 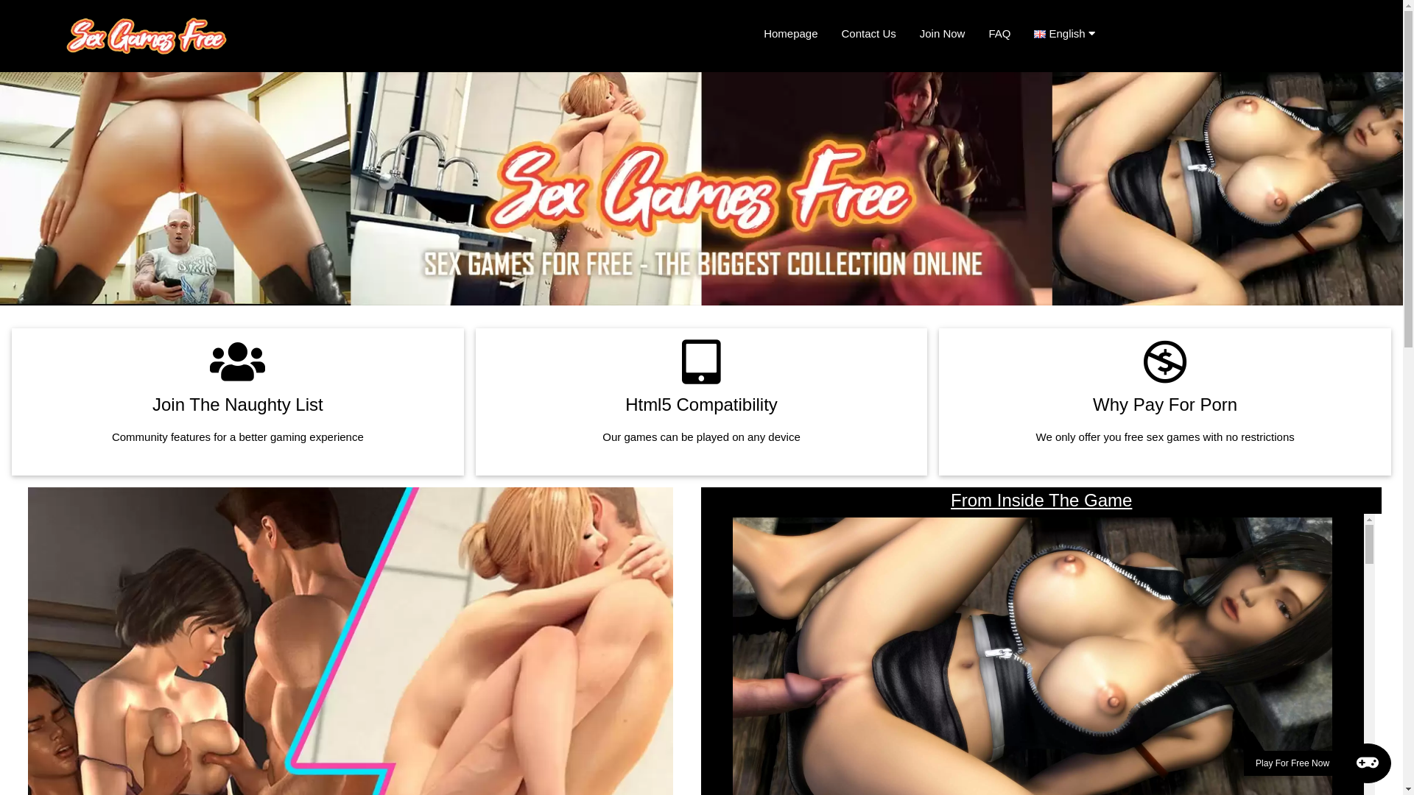 What do you see at coordinates (999, 33) in the screenshot?
I see `'FAQ'` at bounding box center [999, 33].